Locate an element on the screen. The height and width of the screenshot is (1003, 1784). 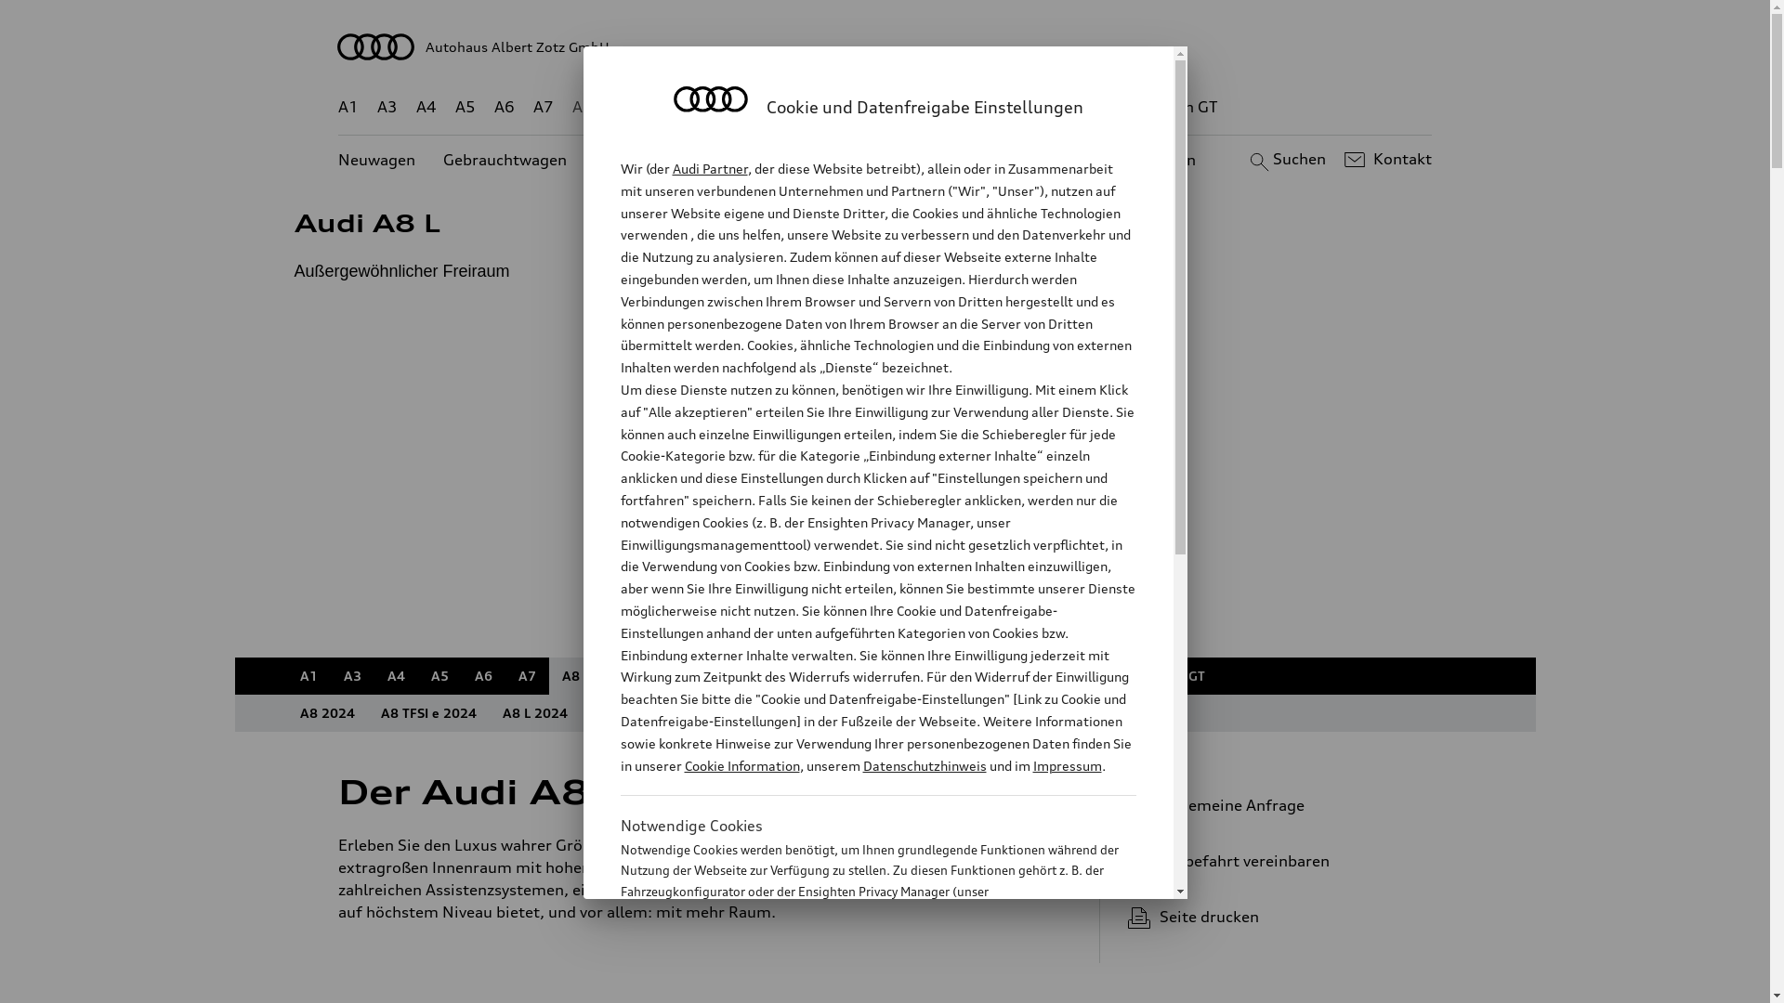
'Q4 e-tron' is located at coordinates (726, 107).